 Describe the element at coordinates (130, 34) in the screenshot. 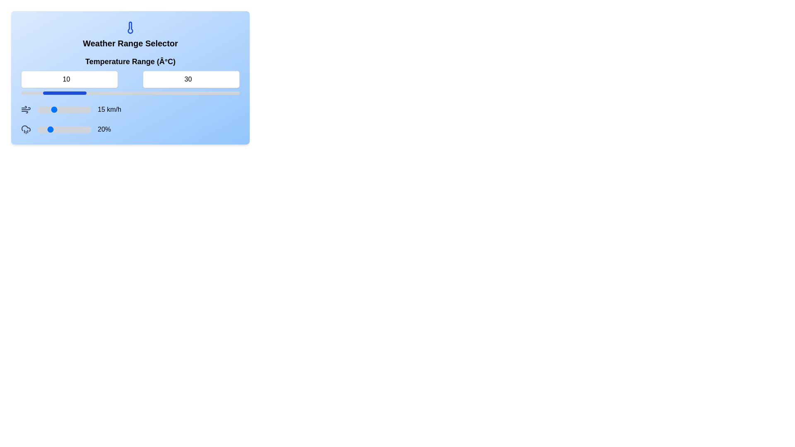

I see `the Text Display with an Icon that serves as the header for the weather range selector interface, located at the upper section of the panel above the 'Temperature Range (°C)' text` at that location.